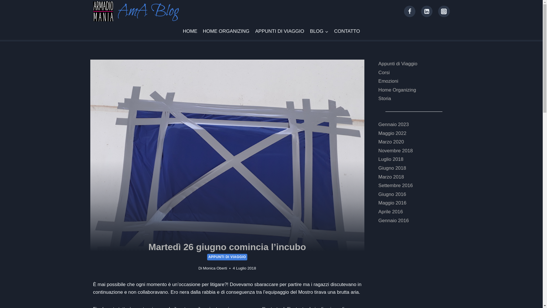  I want to click on 'Maggio 2022', so click(392, 133).